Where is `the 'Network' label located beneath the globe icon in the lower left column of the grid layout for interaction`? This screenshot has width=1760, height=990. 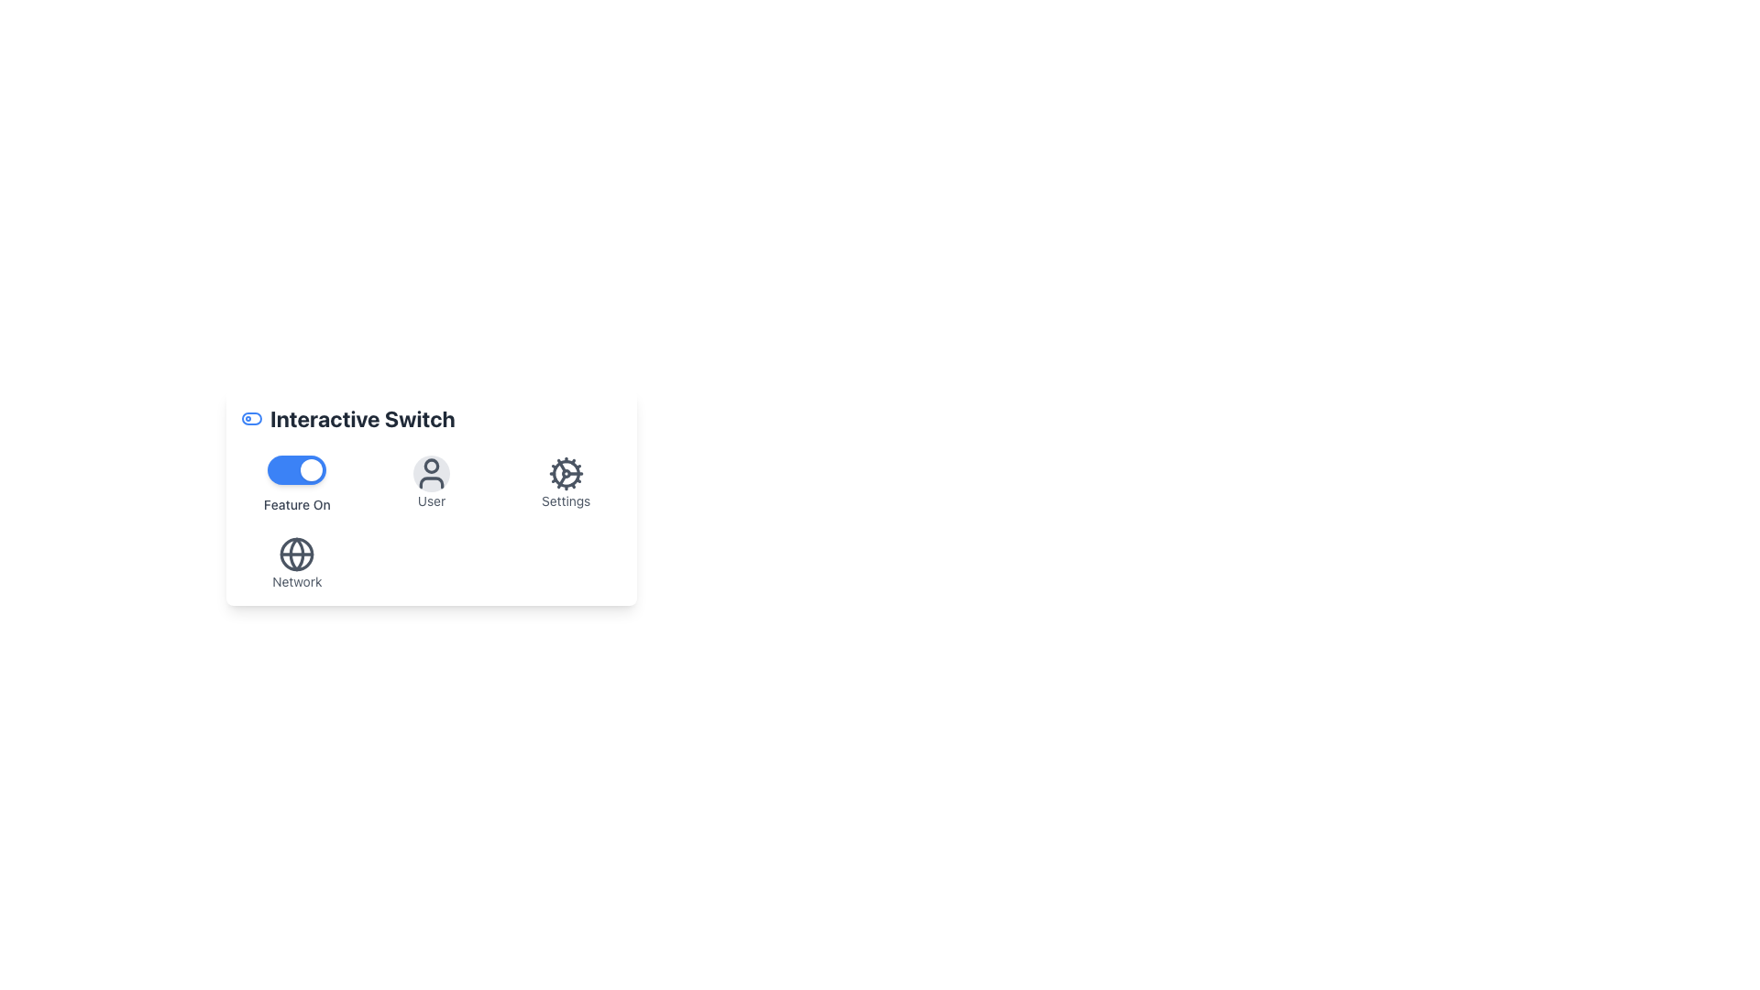
the 'Network' label located beneath the globe icon in the lower left column of the grid layout for interaction is located at coordinates (297, 562).